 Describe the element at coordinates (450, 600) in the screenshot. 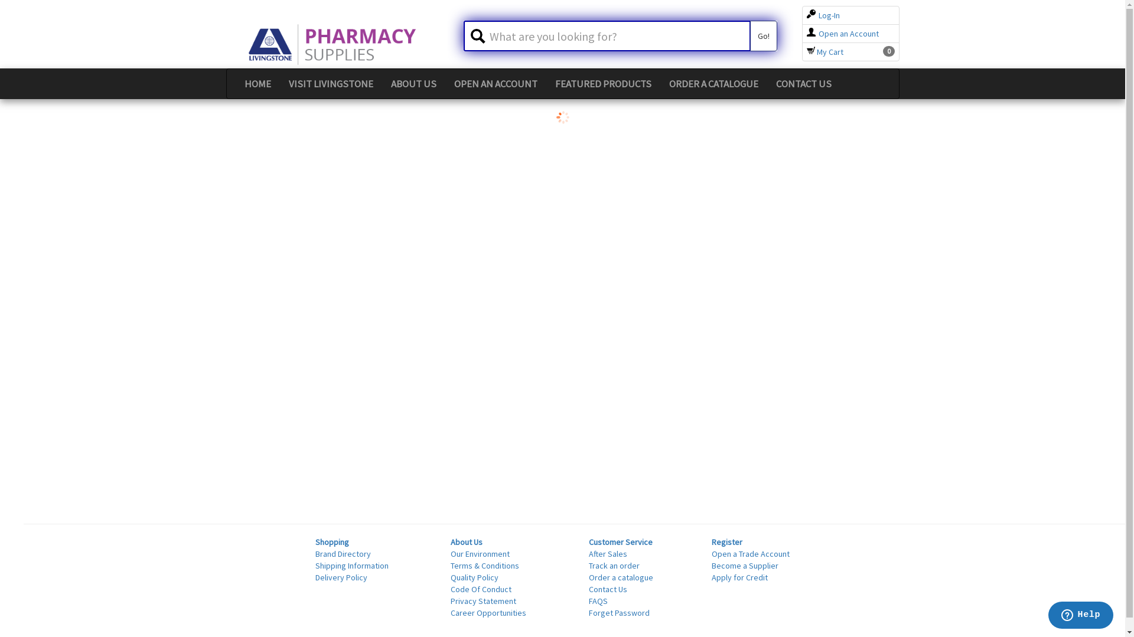

I see `'Privacy Statement'` at that location.